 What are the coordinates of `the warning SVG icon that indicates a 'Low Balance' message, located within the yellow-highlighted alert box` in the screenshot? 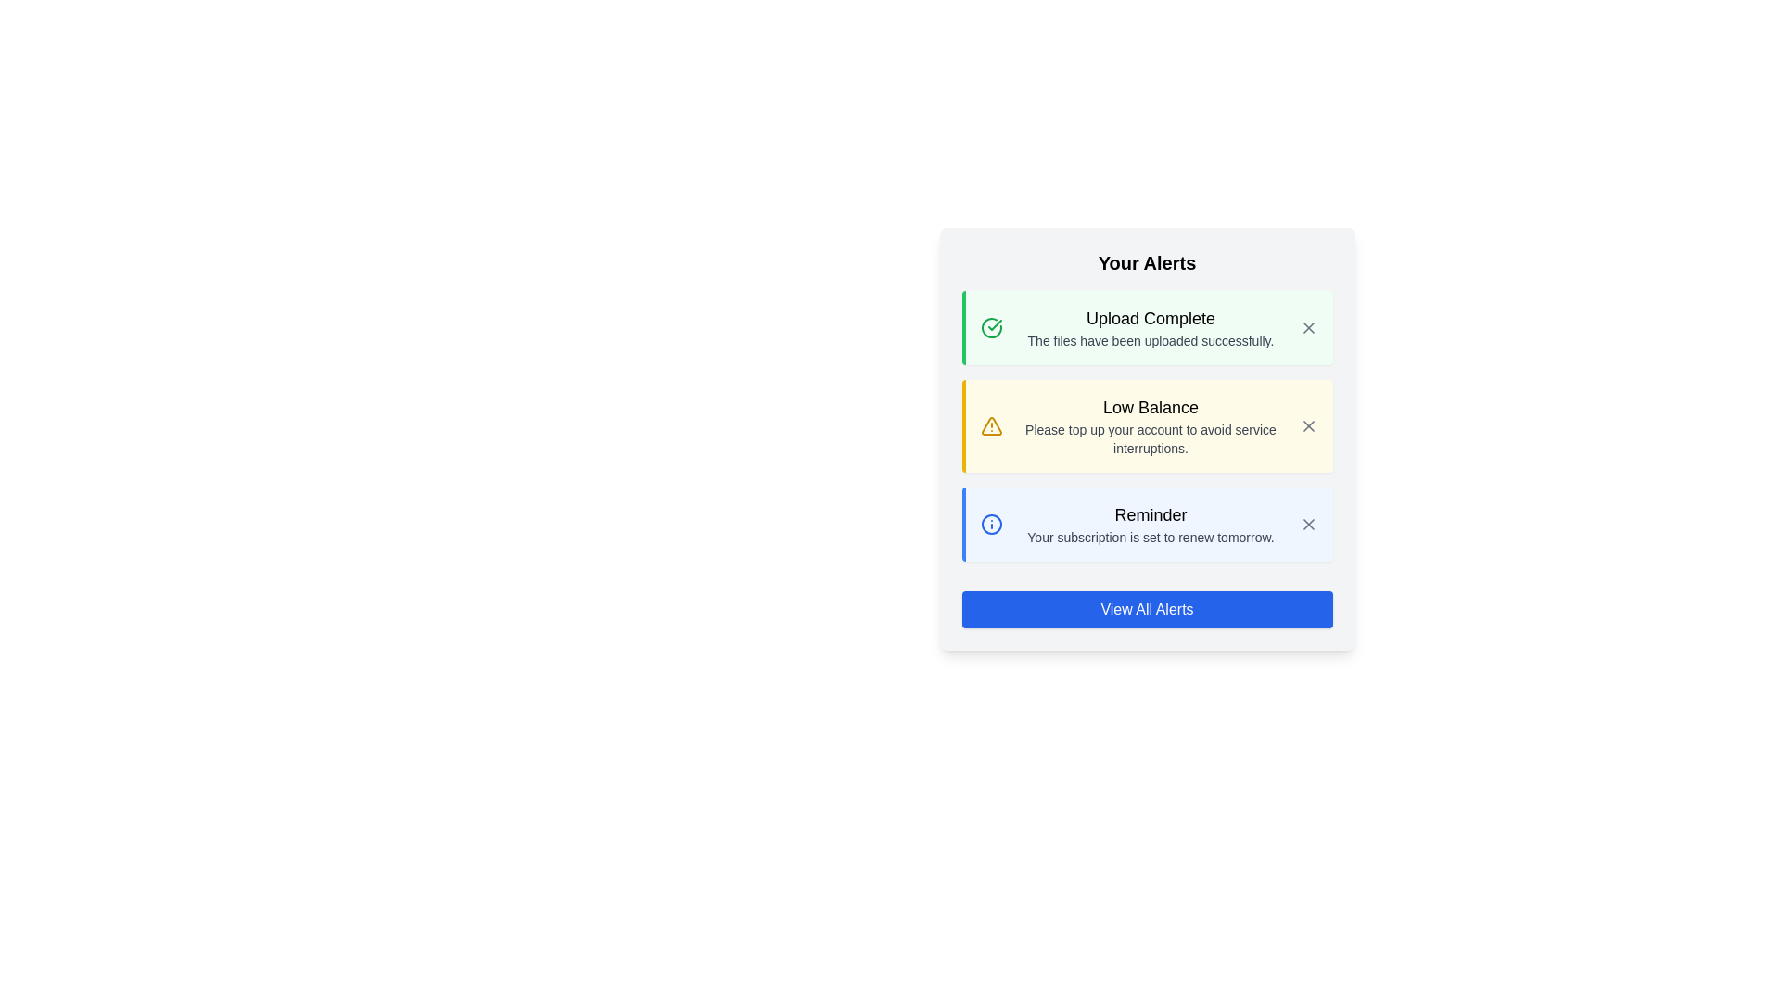 It's located at (990, 425).